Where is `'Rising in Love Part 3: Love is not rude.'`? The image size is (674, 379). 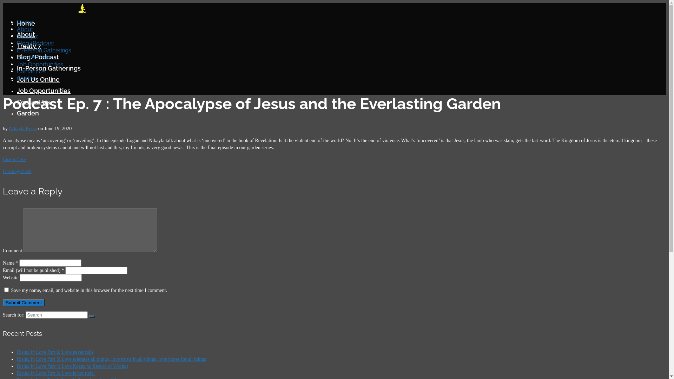 'Rising in Love Part 3: Love is not rude.' is located at coordinates (55, 373).